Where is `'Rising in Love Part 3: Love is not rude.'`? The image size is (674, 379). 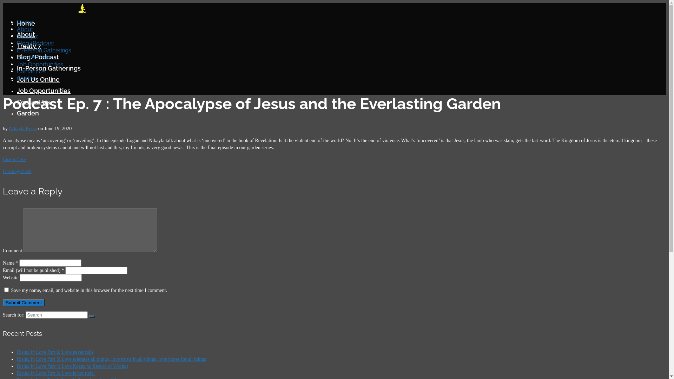 'Rising in Love Part 3: Love is not rude.' is located at coordinates (55, 373).